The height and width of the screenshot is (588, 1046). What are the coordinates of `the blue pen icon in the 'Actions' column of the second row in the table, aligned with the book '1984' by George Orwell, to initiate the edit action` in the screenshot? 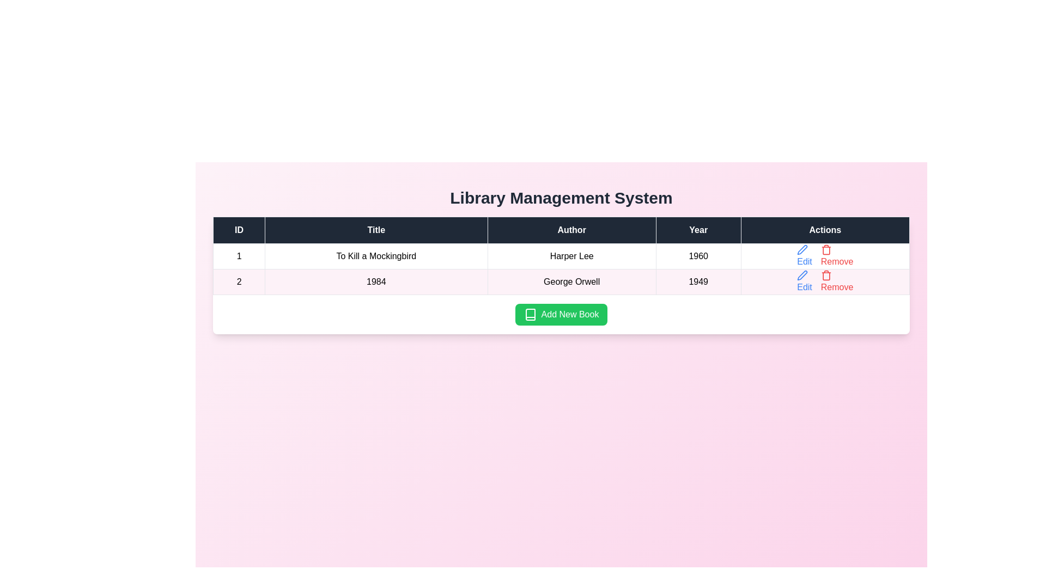 It's located at (802, 274).